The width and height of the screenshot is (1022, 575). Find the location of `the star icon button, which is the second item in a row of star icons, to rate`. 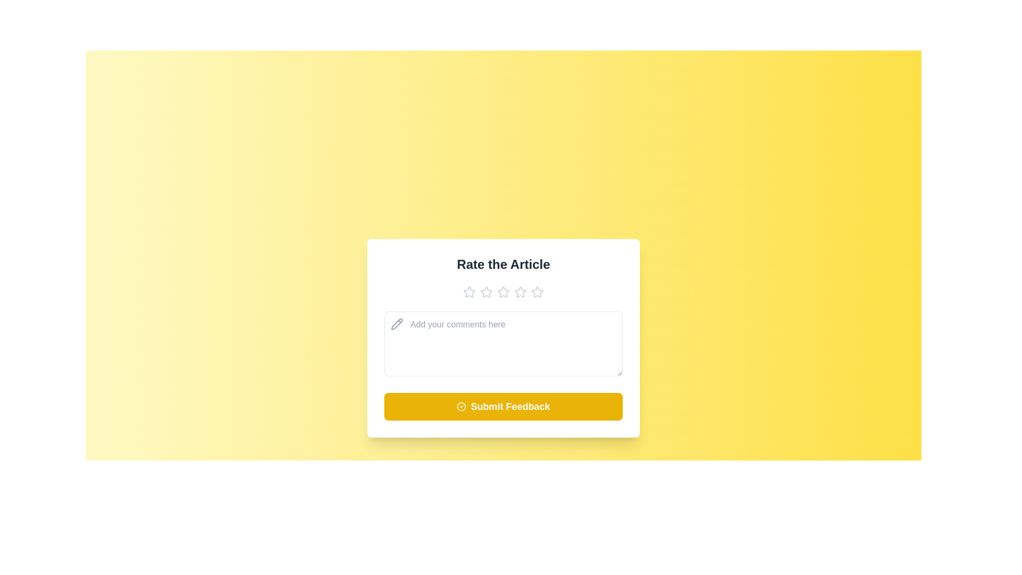

the star icon button, which is the second item in a row of star icons, to rate is located at coordinates (485, 291).